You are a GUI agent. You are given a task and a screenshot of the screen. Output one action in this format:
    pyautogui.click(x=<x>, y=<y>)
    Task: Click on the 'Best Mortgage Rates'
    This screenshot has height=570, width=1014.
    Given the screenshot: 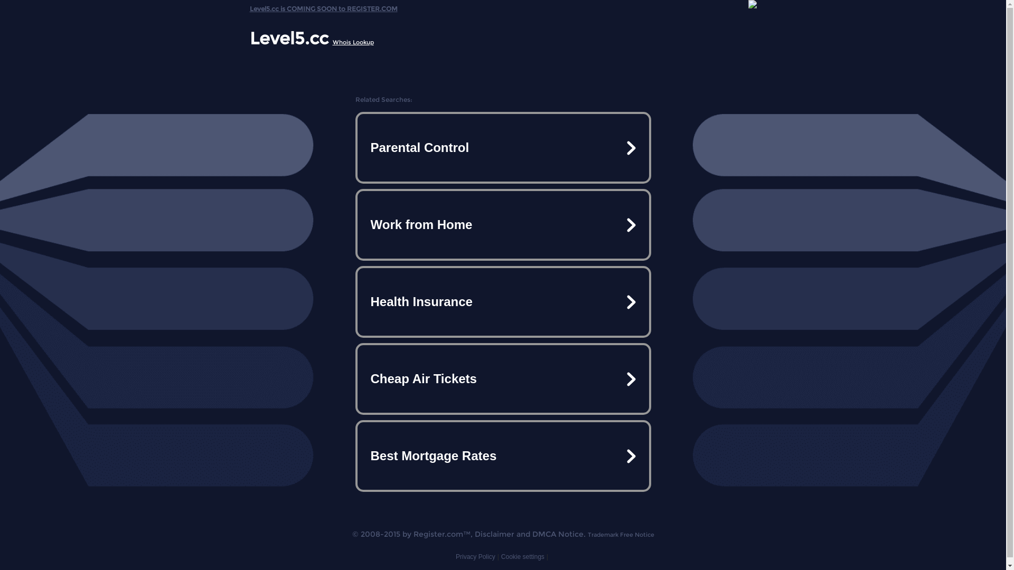 What is the action you would take?
    pyautogui.click(x=502, y=455)
    